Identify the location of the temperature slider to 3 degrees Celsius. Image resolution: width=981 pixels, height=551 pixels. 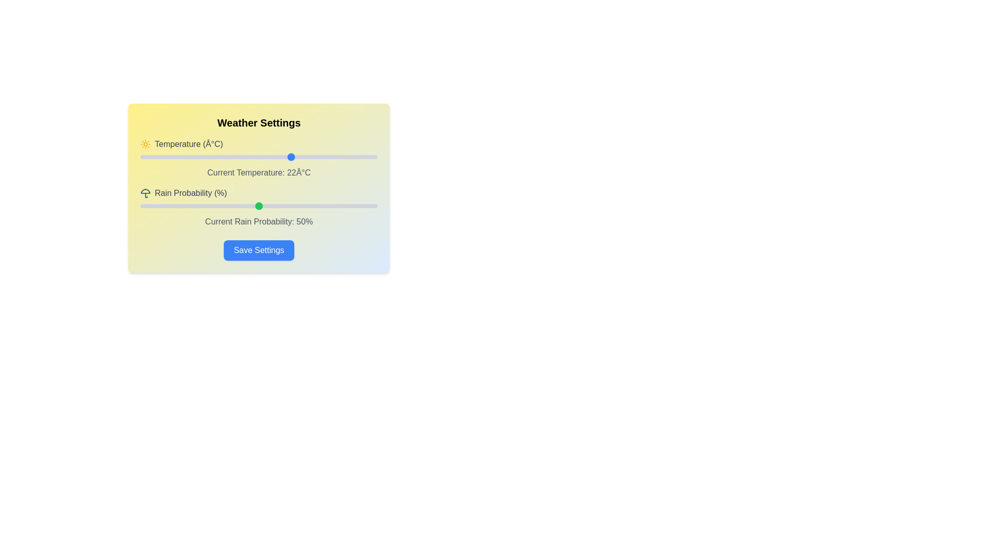
(202, 157).